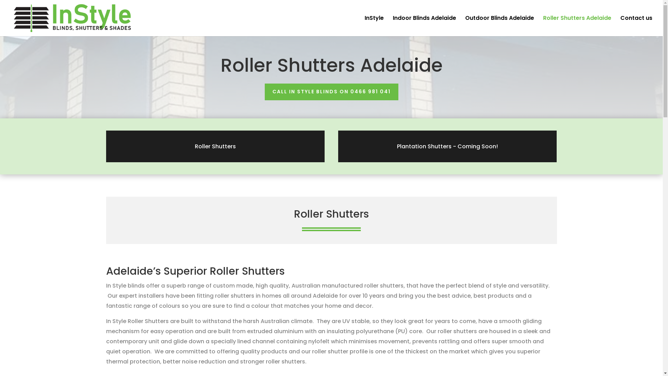 The width and height of the screenshot is (668, 376). Describe the element at coordinates (465, 25) in the screenshot. I see `'Outdoor Blinds Adelaide'` at that location.